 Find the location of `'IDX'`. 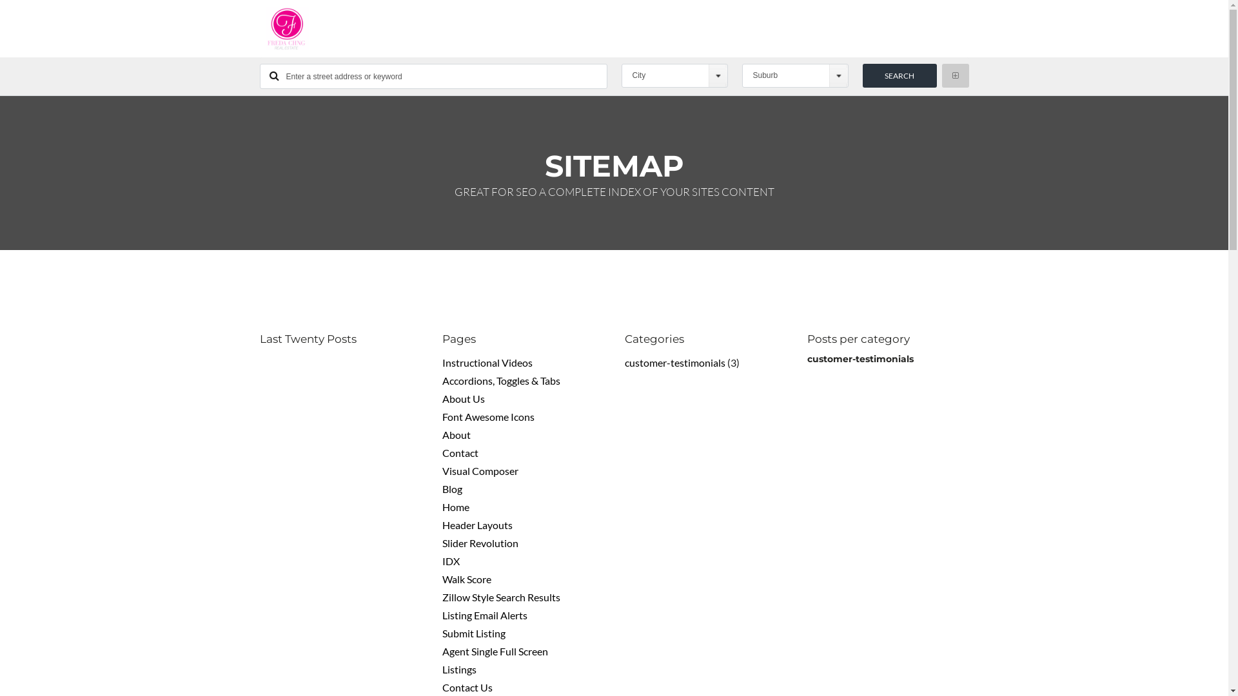

'IDX' is located at coordinates (442, 560).